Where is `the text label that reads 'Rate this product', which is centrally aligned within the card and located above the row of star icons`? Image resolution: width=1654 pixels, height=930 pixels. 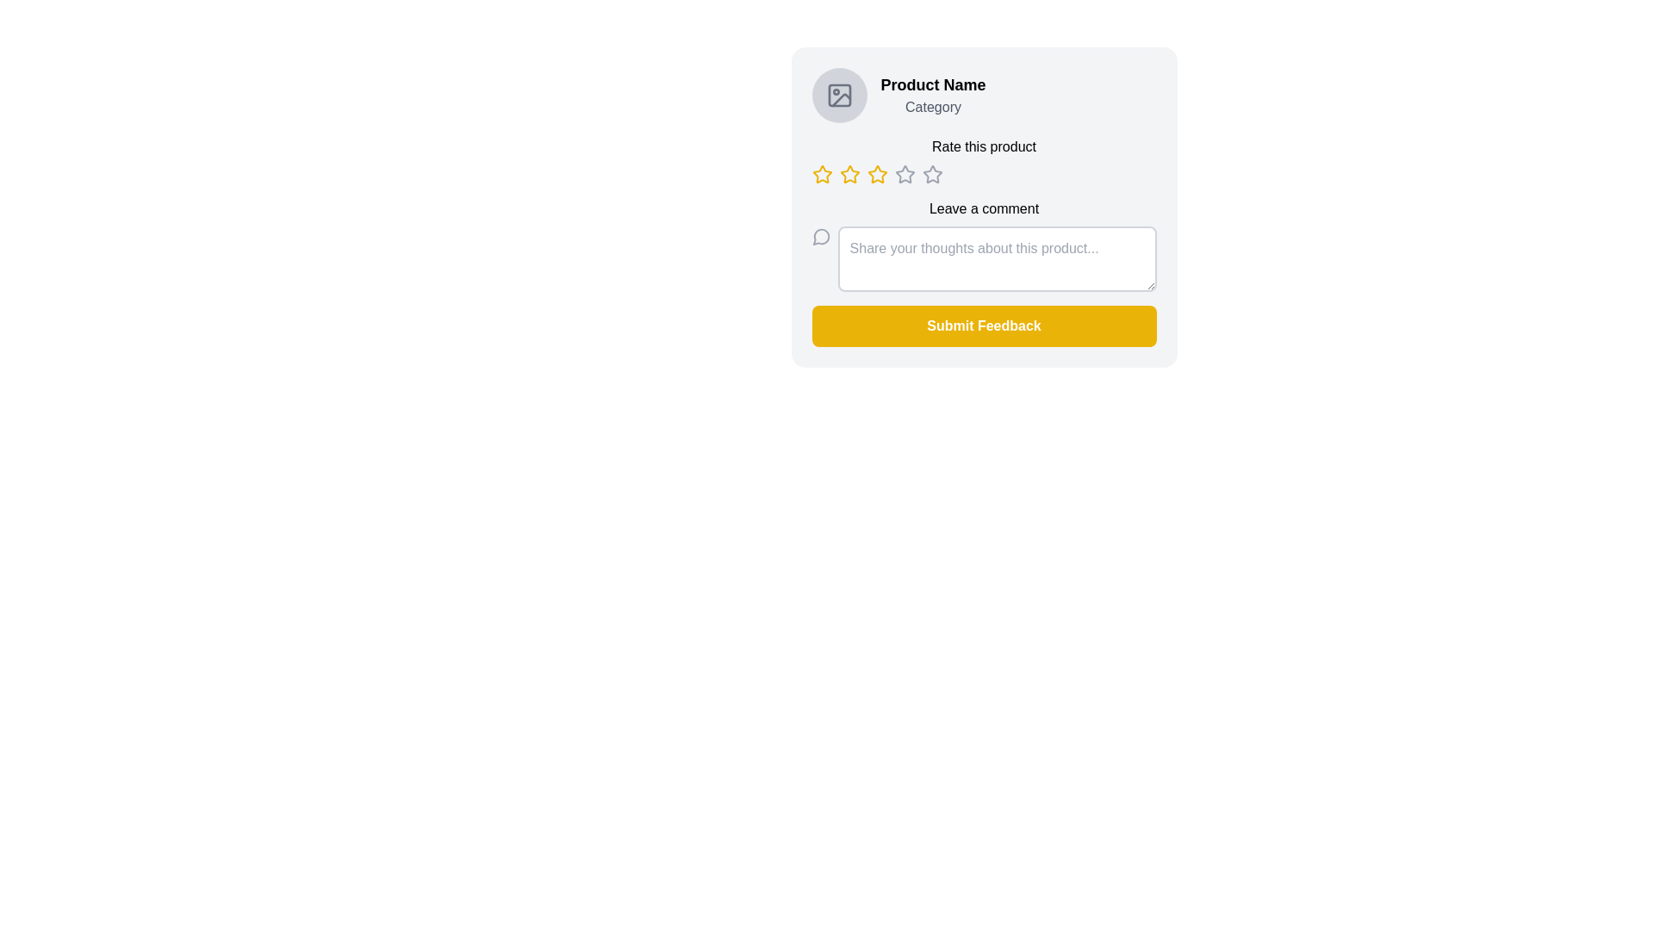
the text label that reads 'Rate this product', which is centrally aligned within the card and located above the row of star icons is located at coordinates (984, 160).